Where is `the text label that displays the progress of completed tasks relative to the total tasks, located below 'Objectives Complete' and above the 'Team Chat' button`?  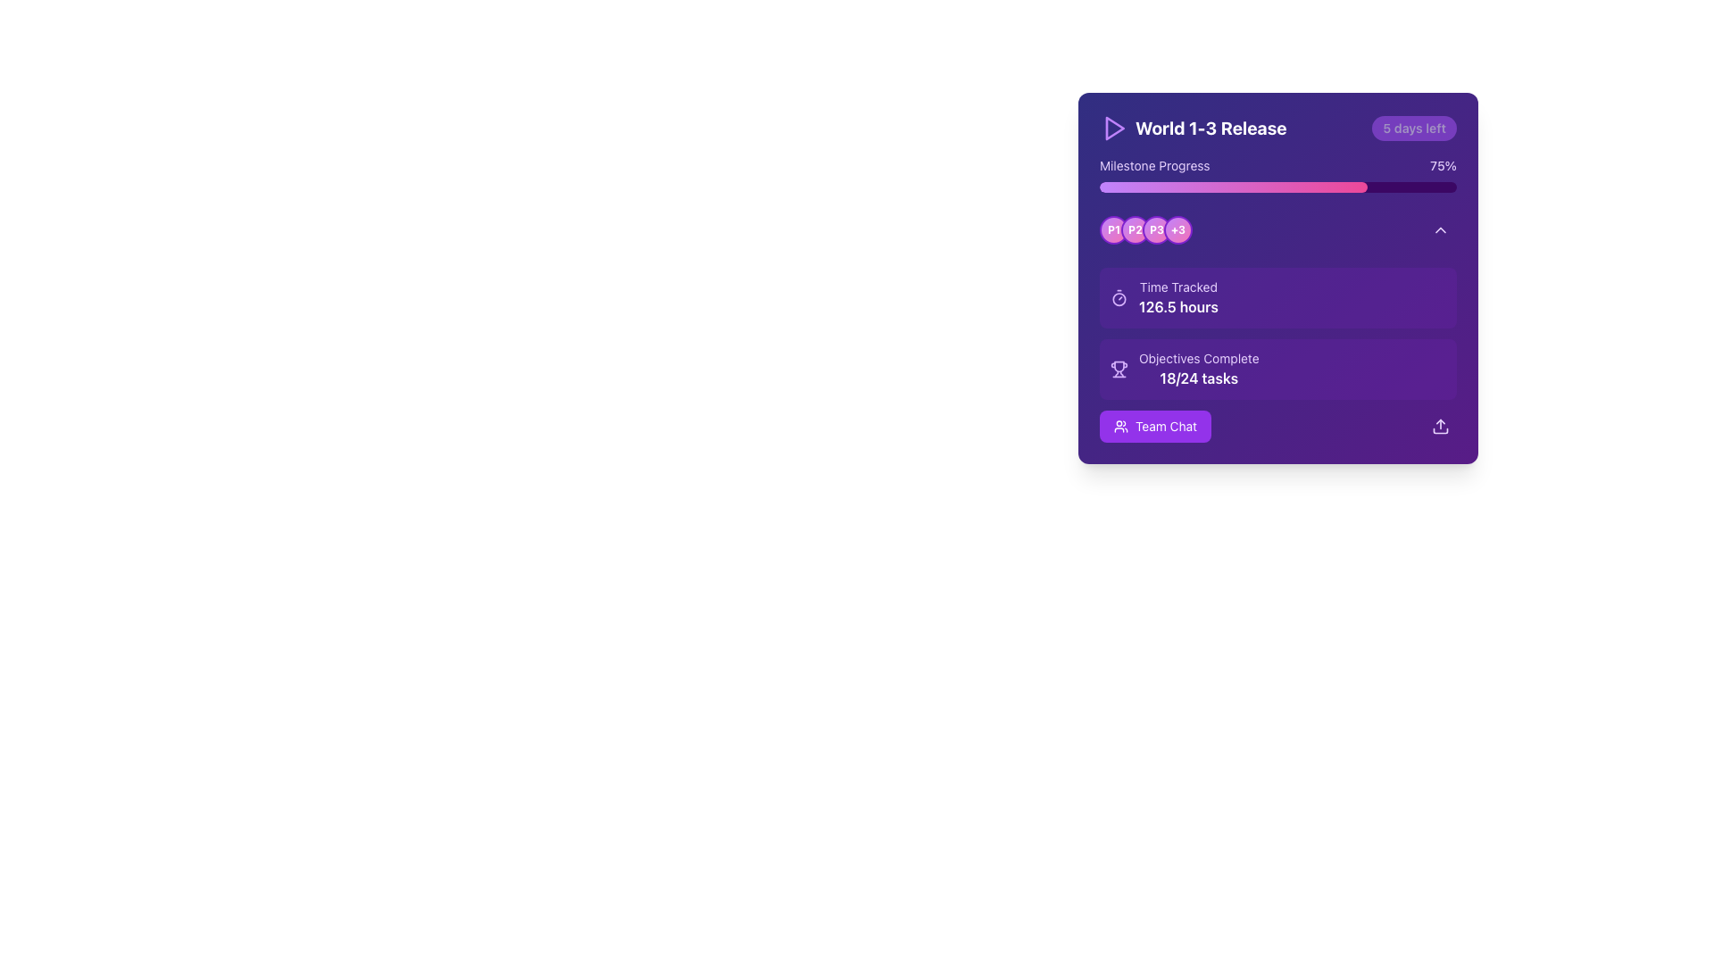
the text label that displays the progress of completed tasks relative to the total tasks, located below 'Objectives Complete' and above the 'Team Chat' button is located at coordinates (1199, 378).